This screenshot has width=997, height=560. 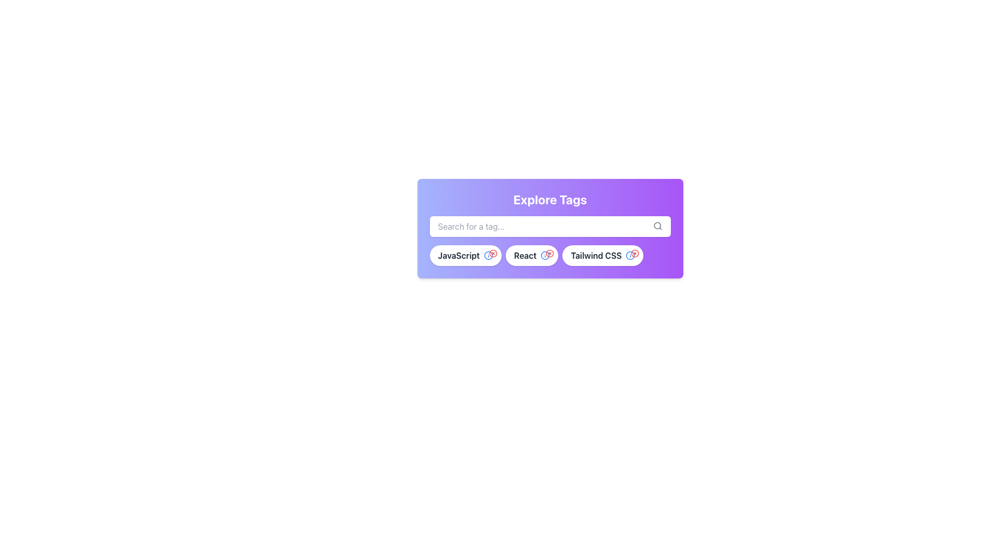 I want to click on the informational SVG icon next to the 'JavaScript' tag, so click(x=488, y=256).